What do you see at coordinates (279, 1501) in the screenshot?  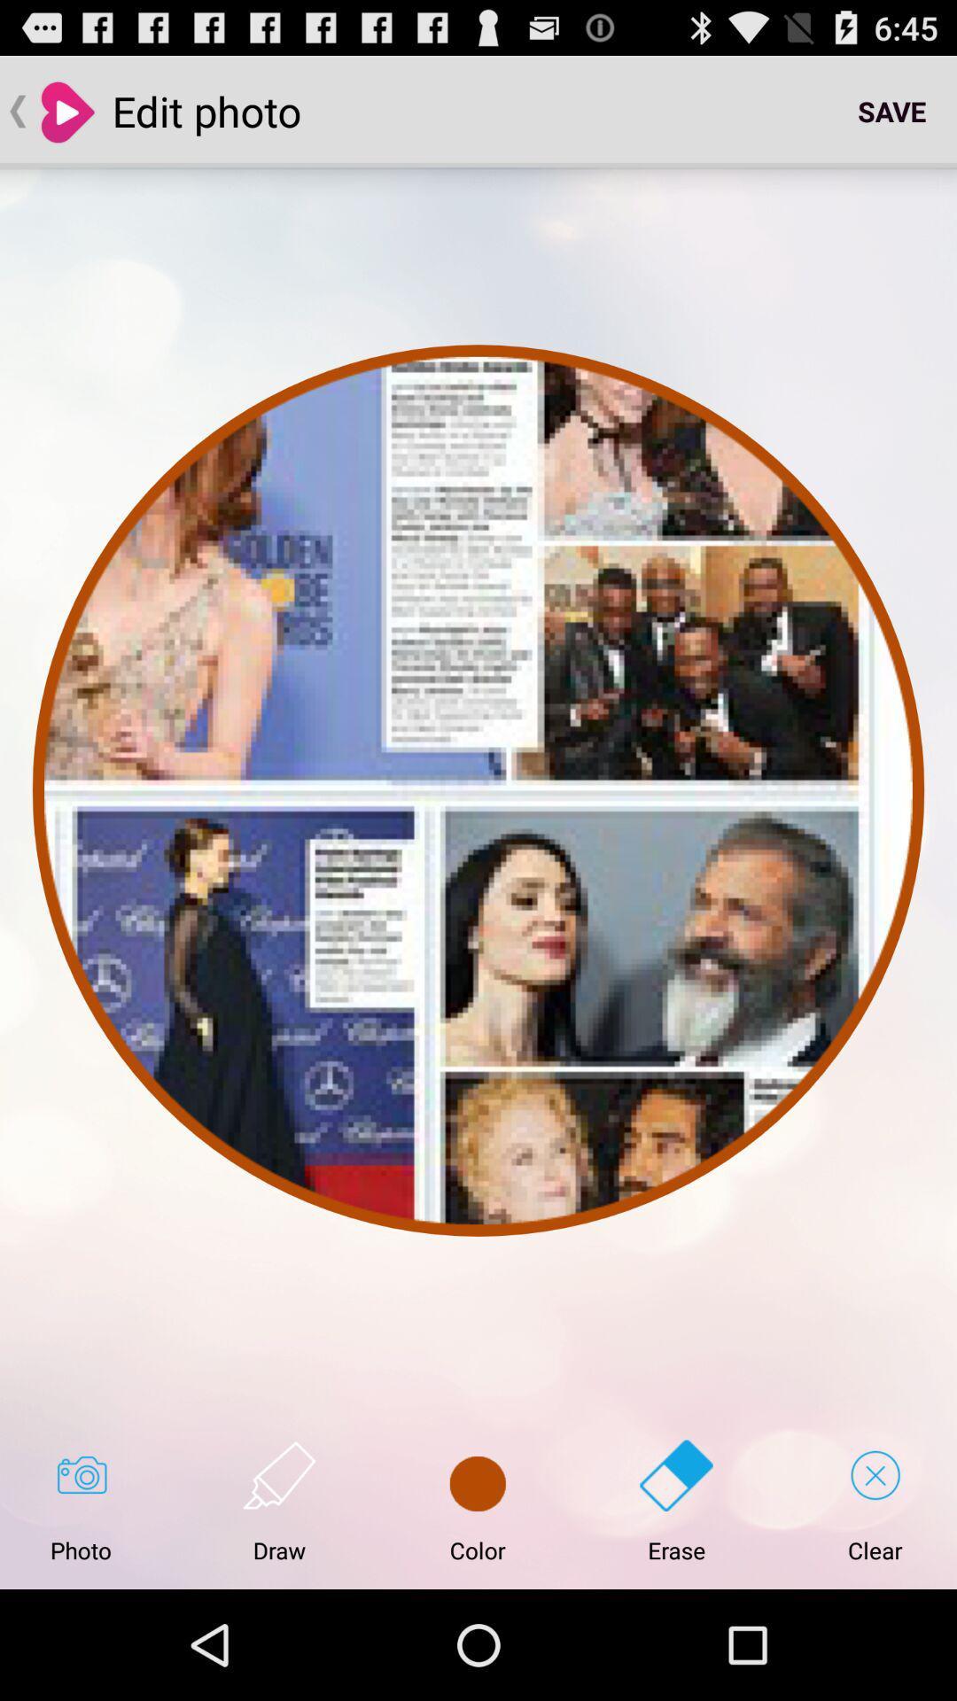 I see `item to the left of the color item` at bounding box center [279, 1501].